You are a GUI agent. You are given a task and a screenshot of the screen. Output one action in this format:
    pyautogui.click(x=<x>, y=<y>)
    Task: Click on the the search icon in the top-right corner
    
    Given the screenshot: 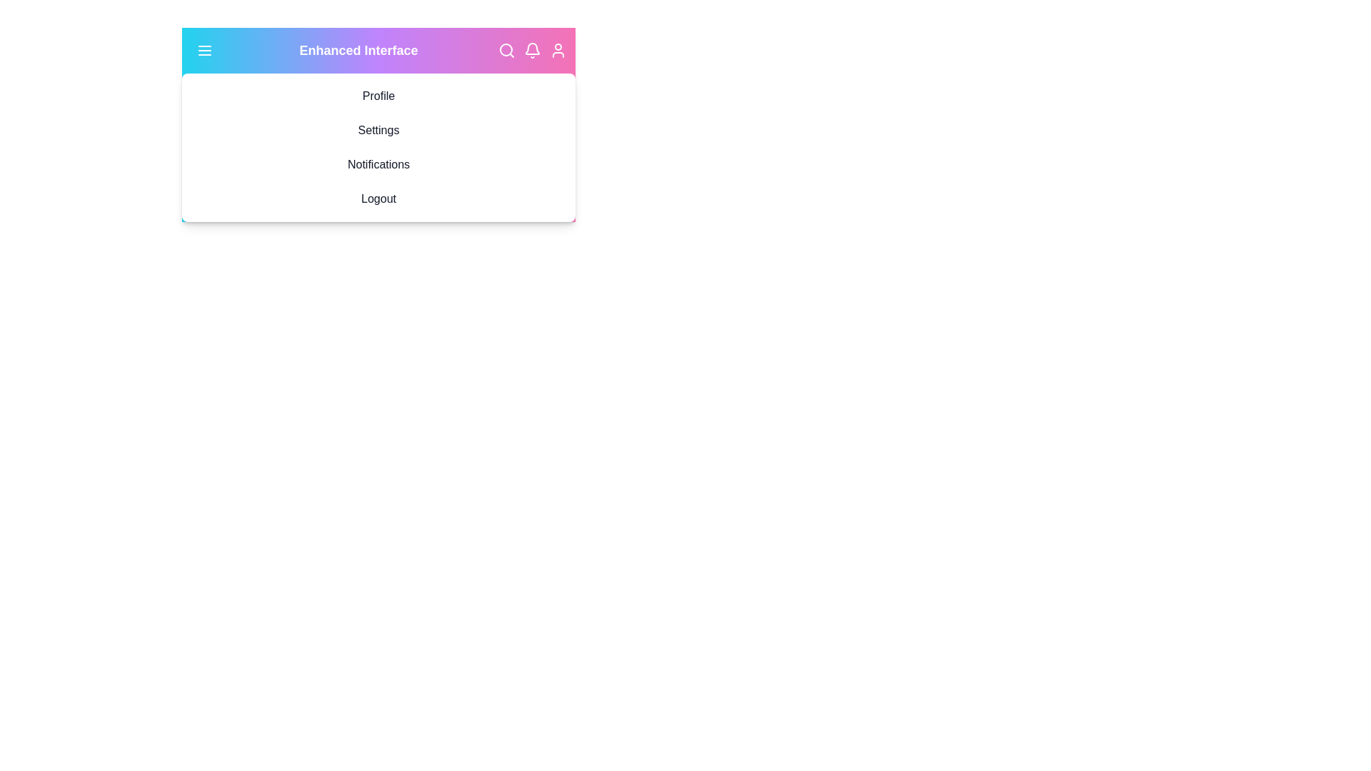 What is the action you would take?
    pyautogui.click(x=507, y=49)
    